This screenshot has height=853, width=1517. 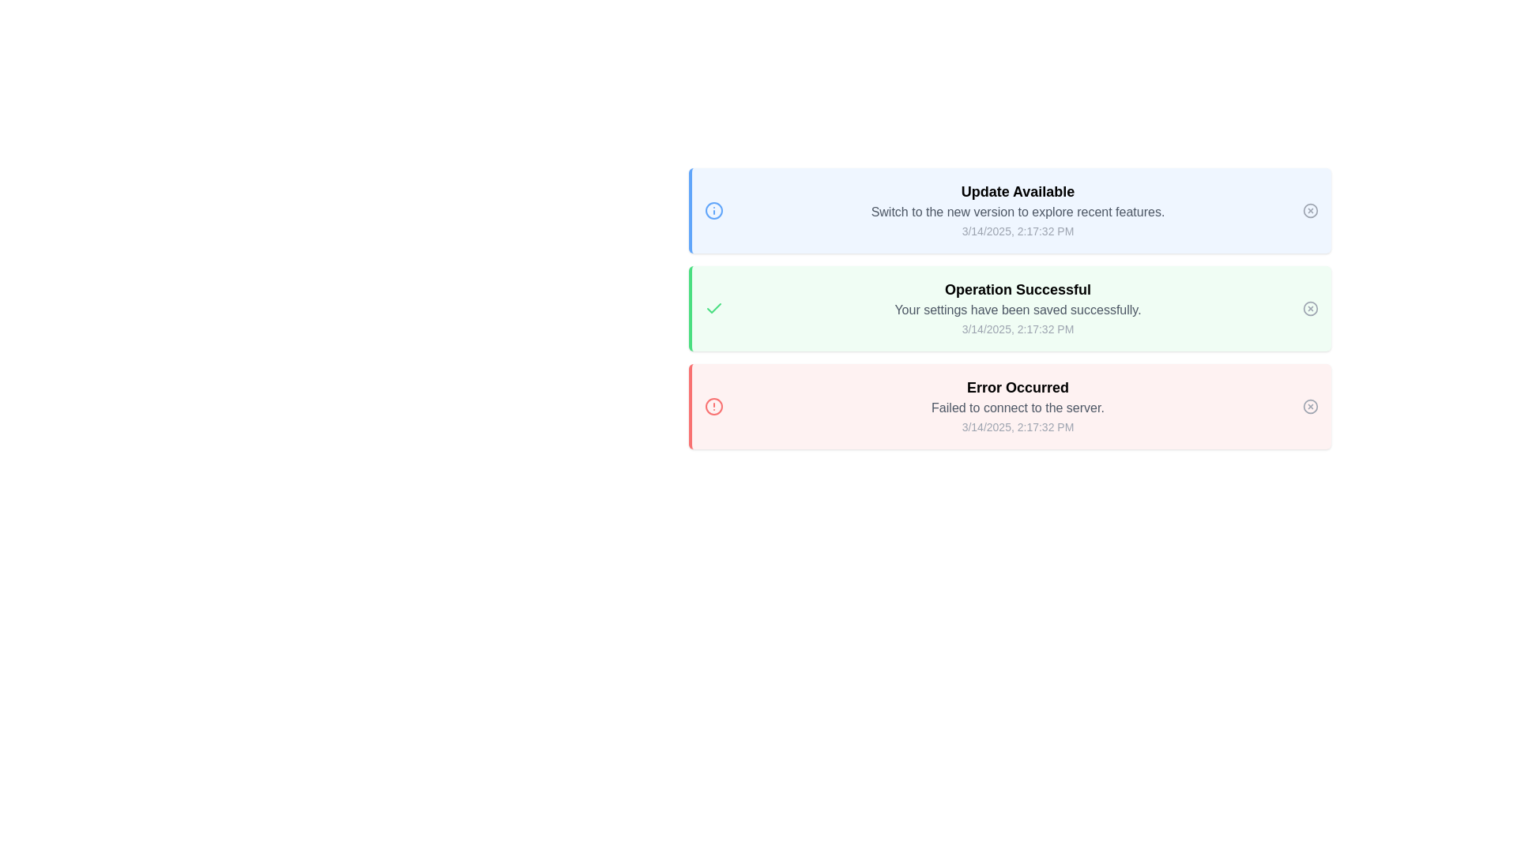 I want to click on the SVG Circle element located within the notification card, so click(x=713, y=209).